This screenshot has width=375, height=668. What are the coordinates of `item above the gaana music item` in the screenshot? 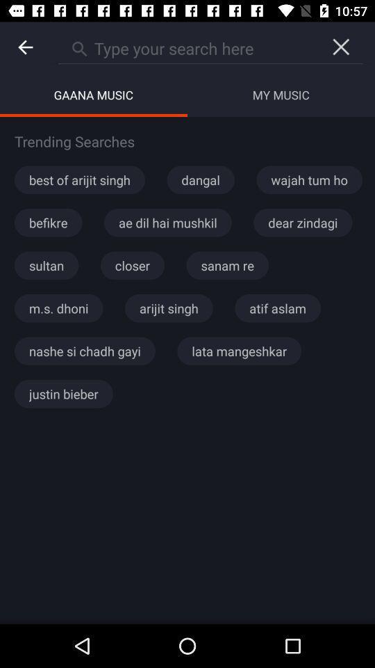 It's located at (25, 47).